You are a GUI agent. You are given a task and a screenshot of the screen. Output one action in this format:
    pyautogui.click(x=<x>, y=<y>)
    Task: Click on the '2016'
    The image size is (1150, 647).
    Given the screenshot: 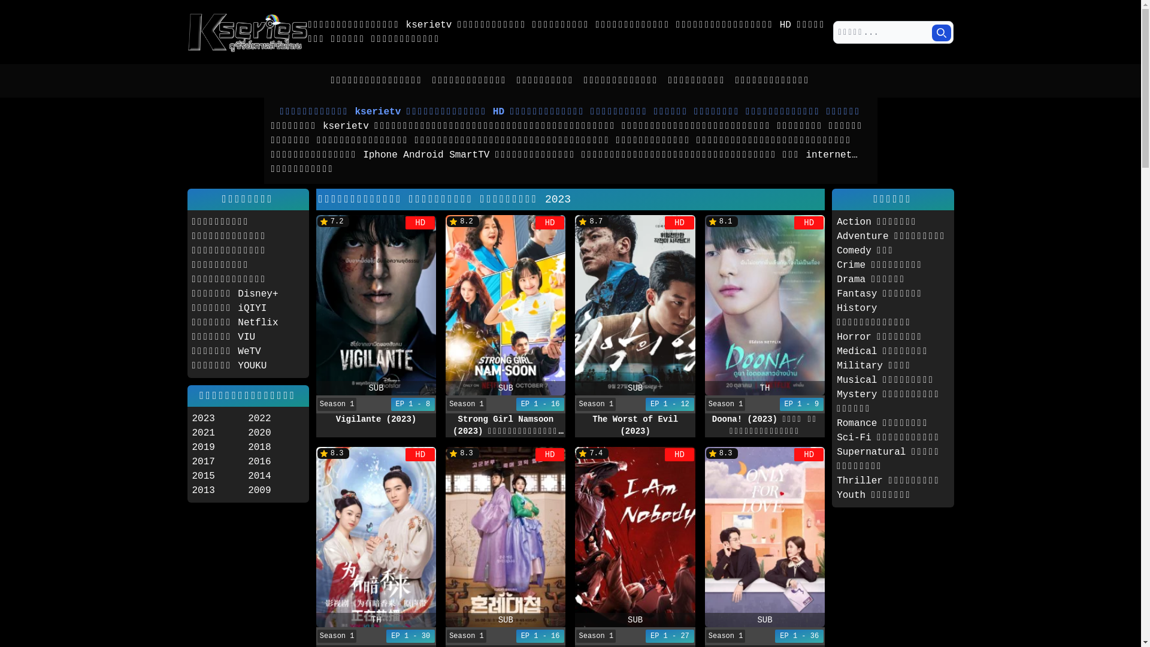 What is the action you would take?
    pyautogui.click(x=275, y=461)
    